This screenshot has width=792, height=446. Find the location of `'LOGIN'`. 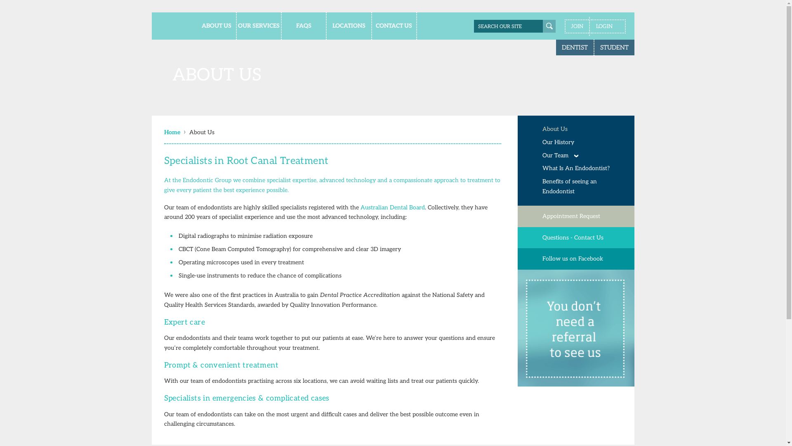

'LOGIN' is located at coordinates (608, 26).